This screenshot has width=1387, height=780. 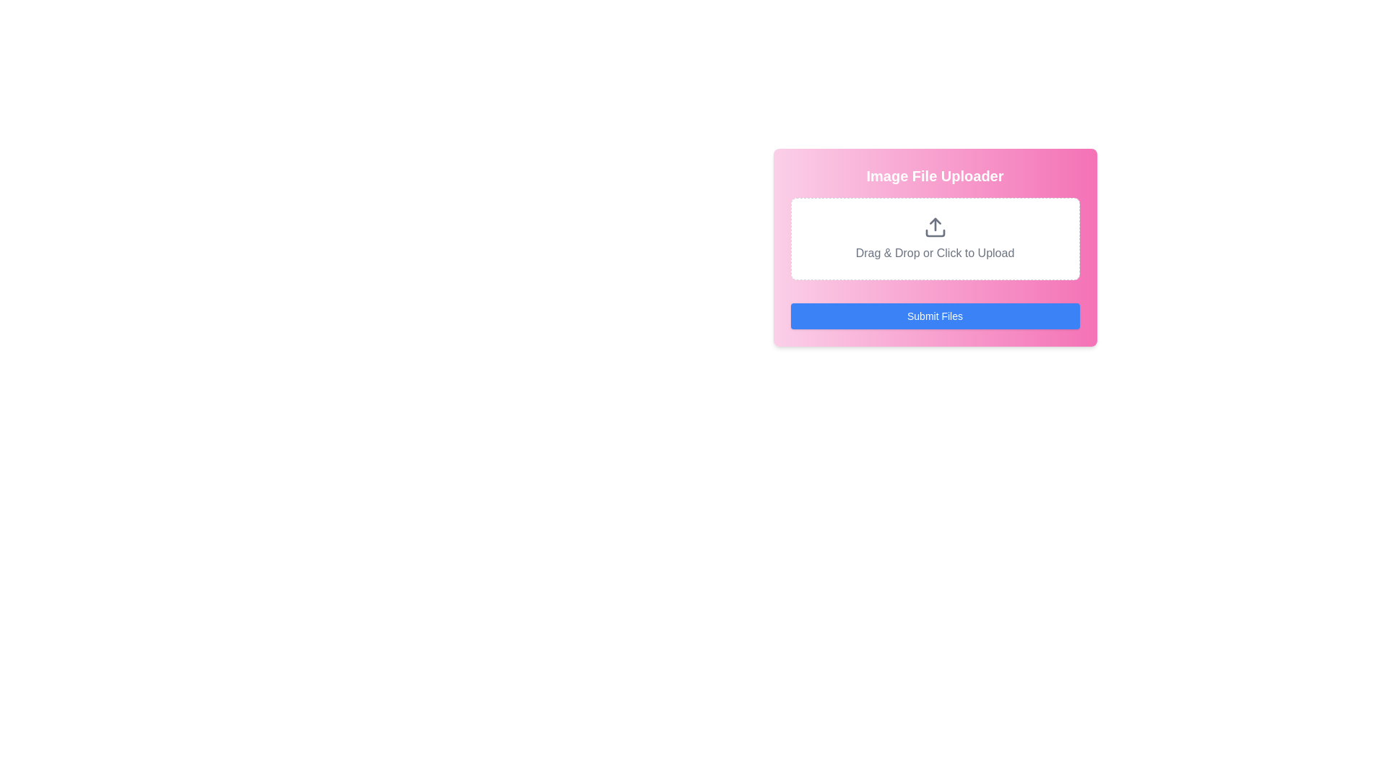 I want to click on the file upload component with a pink gradient background, so click(x=935, y=247).